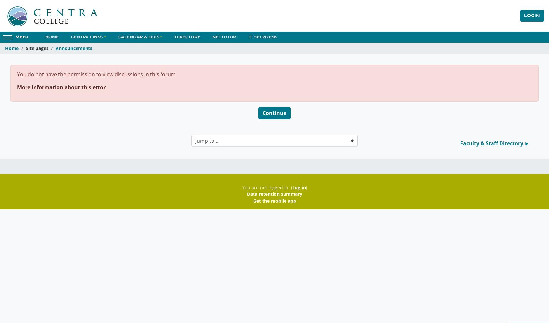 The width and height of the screenshot is (549, 323). What do you see at coordinates (143, 53) in the screenshot?
I see `'2022-2023 Academic Calendars'` at bounding box center [143, 53].